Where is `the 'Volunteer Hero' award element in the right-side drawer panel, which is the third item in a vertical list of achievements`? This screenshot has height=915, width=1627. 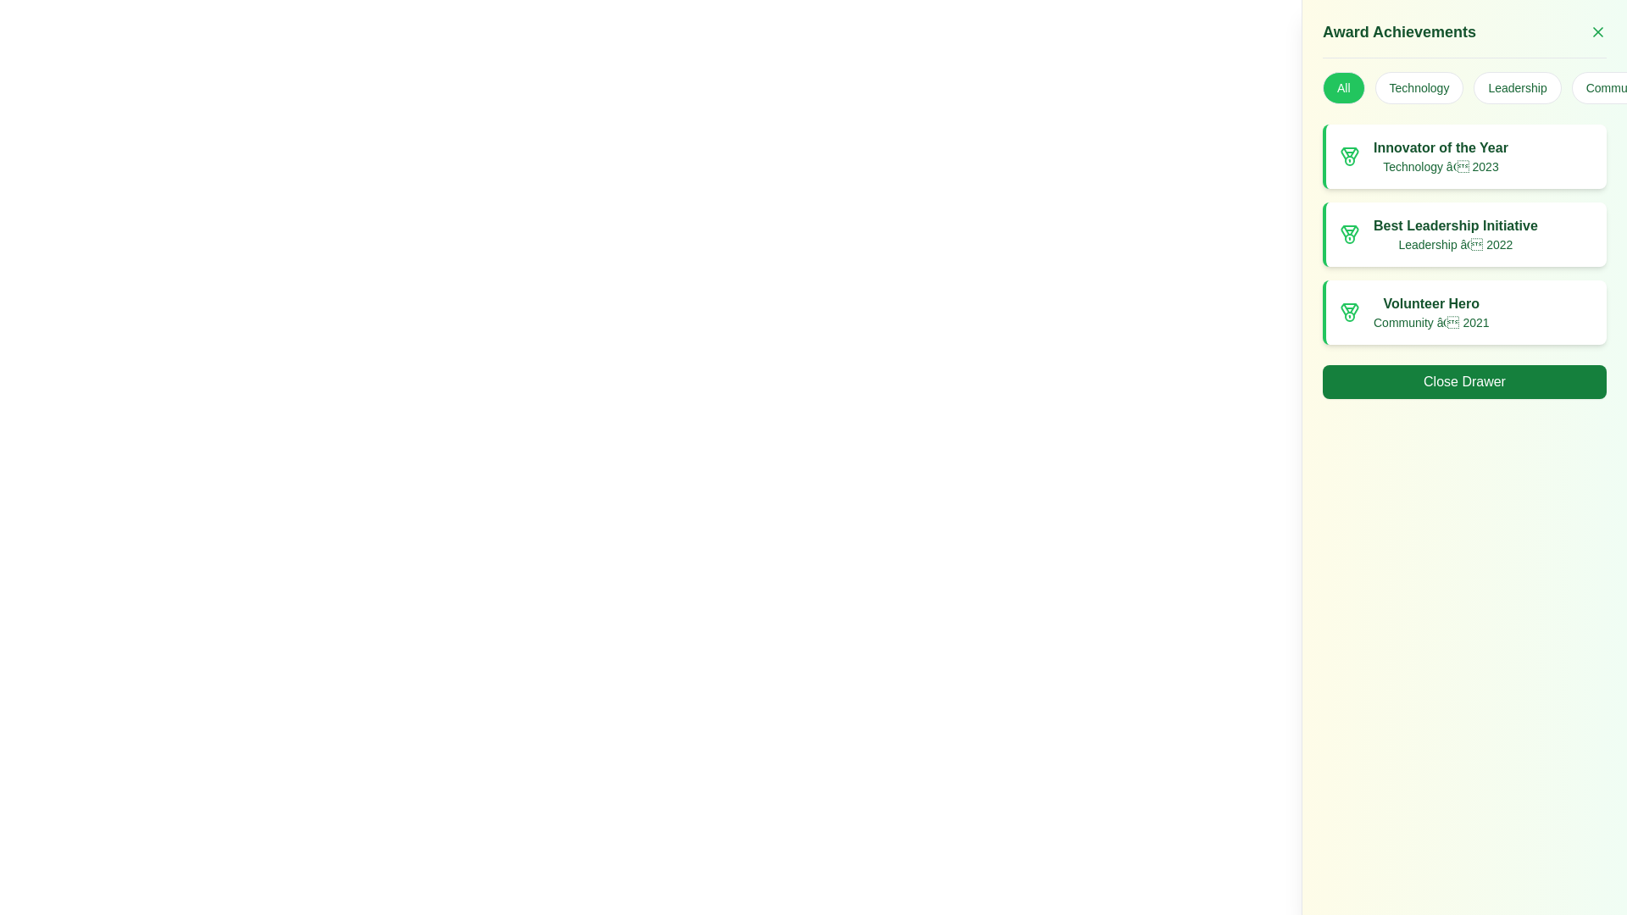 the 'Volunteer Hero' award element in the right-side drawer panel, which is the third item in a vertical list of achievements is located at coordinates (1463, 313).